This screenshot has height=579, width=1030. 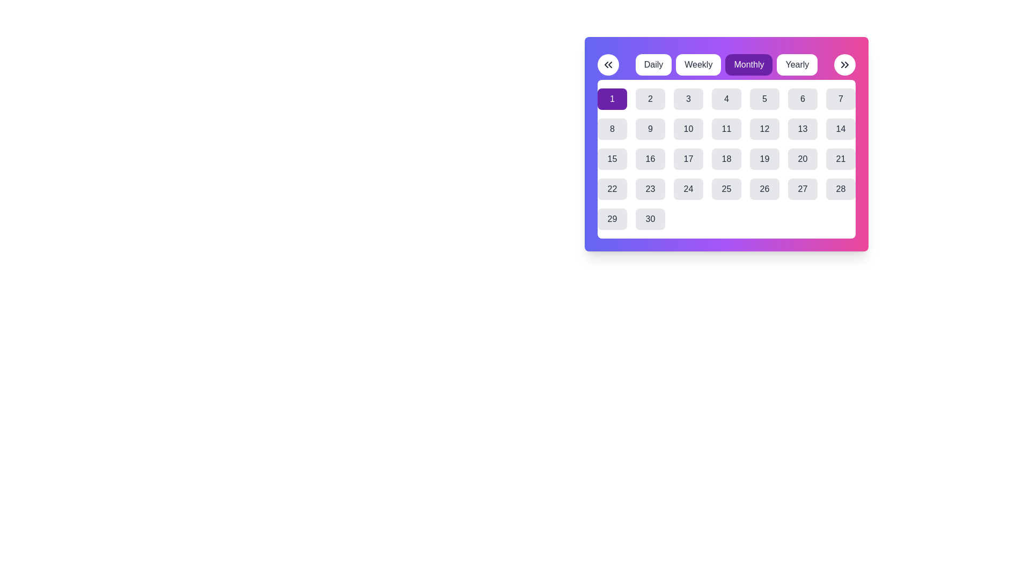 What do you see at coordinates (797, 64) in the screenshot?
I see `the 'Yearly' button` at bounding box center [797, 64].